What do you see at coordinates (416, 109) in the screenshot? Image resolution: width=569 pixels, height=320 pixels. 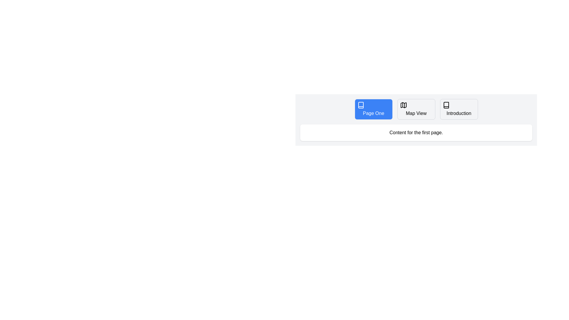 I see `the 'Map View' button, which is the second button in a group of three, positioned between the 'Page One' button and the 'Introduction' button` at bounding box center [416, 109].